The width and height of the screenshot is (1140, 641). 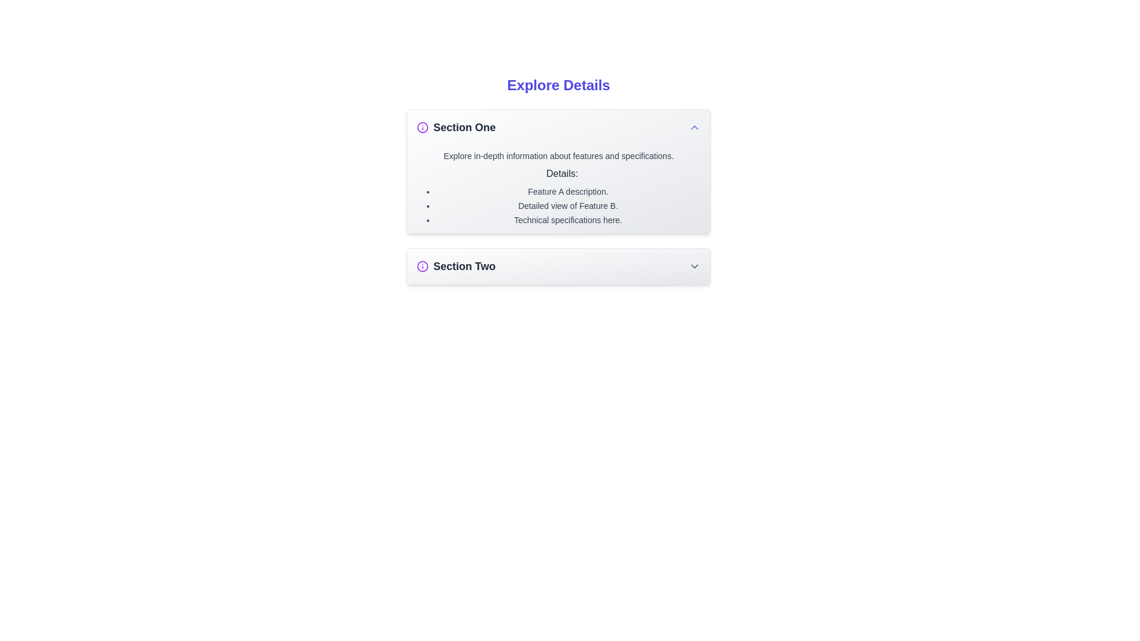 I want to click on the second item in the bulleted list within the 'Section One' details panel, which describes a detailed view of Feature B, so click(x=567, y=206).